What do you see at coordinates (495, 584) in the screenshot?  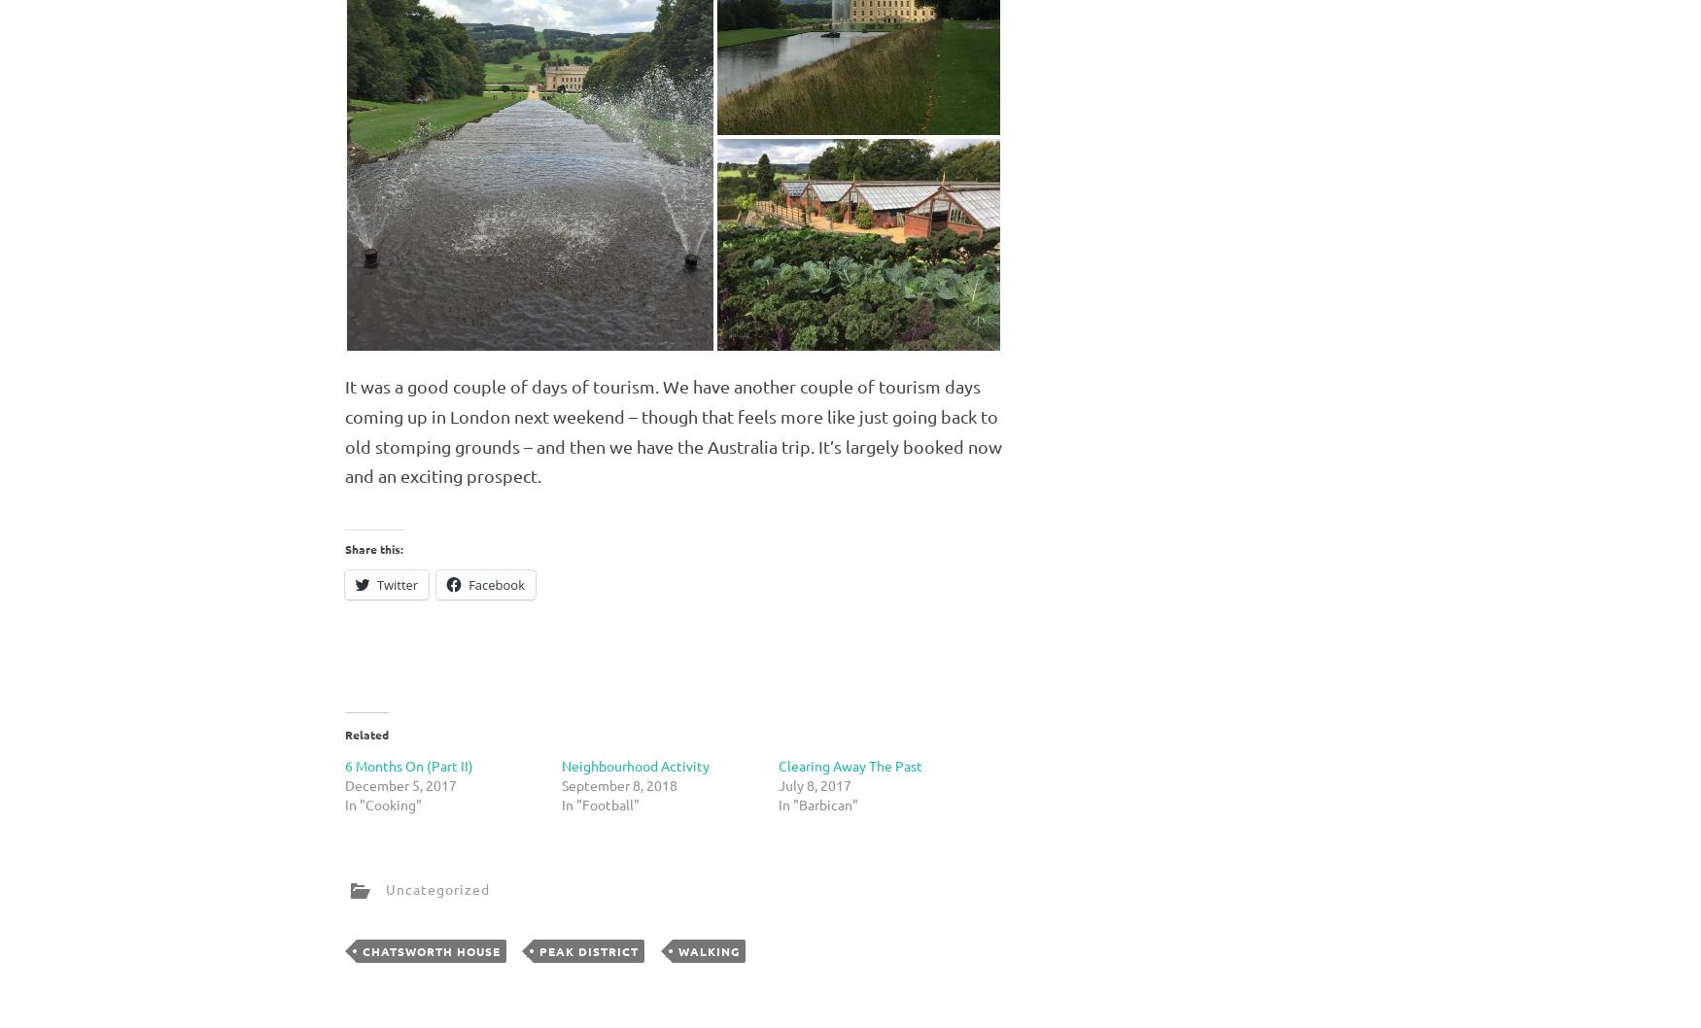 I see `'Facebook'` at bounding box center [495, 584].